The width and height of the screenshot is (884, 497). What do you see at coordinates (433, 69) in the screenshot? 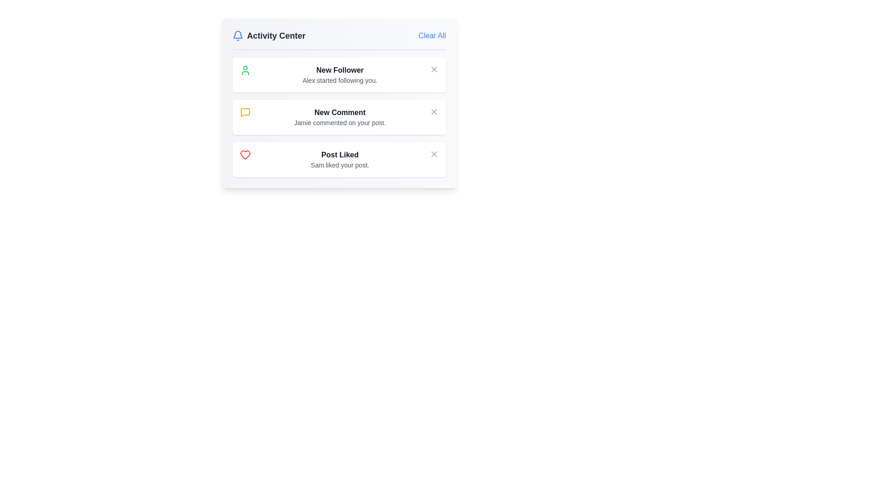
I see `the dismiss 'X' button located to the right of the text 'New Follower' and 'Alex started following you.'` at bounding box center [433, 69].